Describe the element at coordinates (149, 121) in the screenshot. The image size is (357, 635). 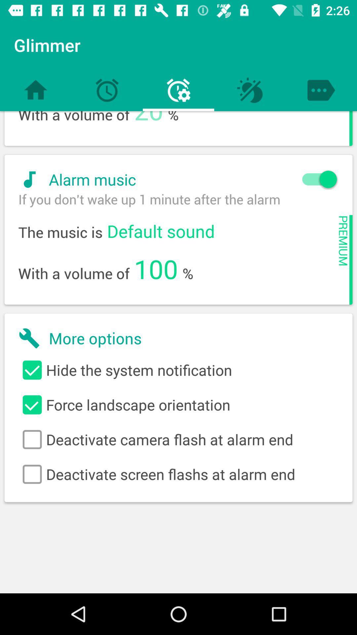
I see `the 20` at that location.